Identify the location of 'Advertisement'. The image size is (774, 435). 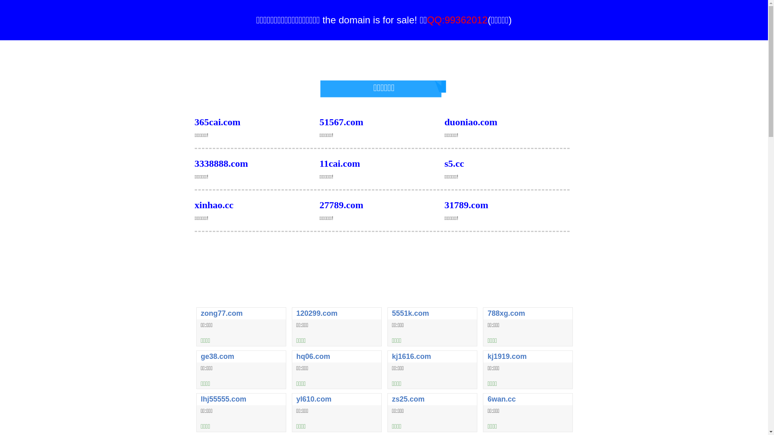
(383, 58).